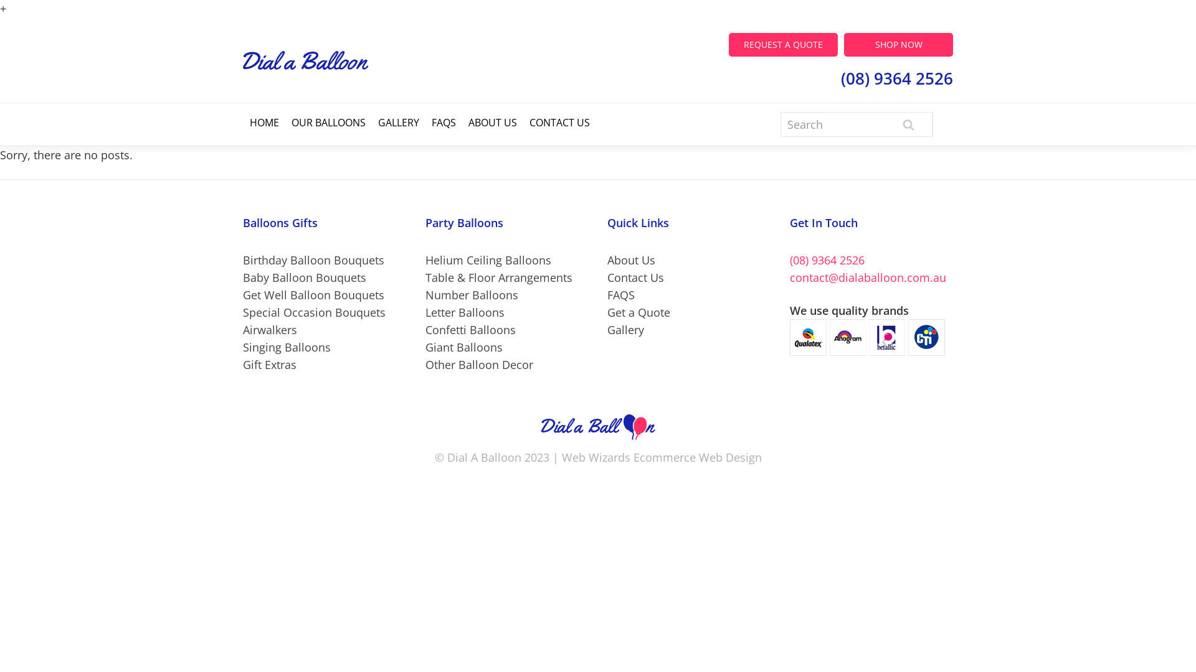 The image size is (1196, 672). I want to click on '(08) 9364 2526', so click(827, 259).